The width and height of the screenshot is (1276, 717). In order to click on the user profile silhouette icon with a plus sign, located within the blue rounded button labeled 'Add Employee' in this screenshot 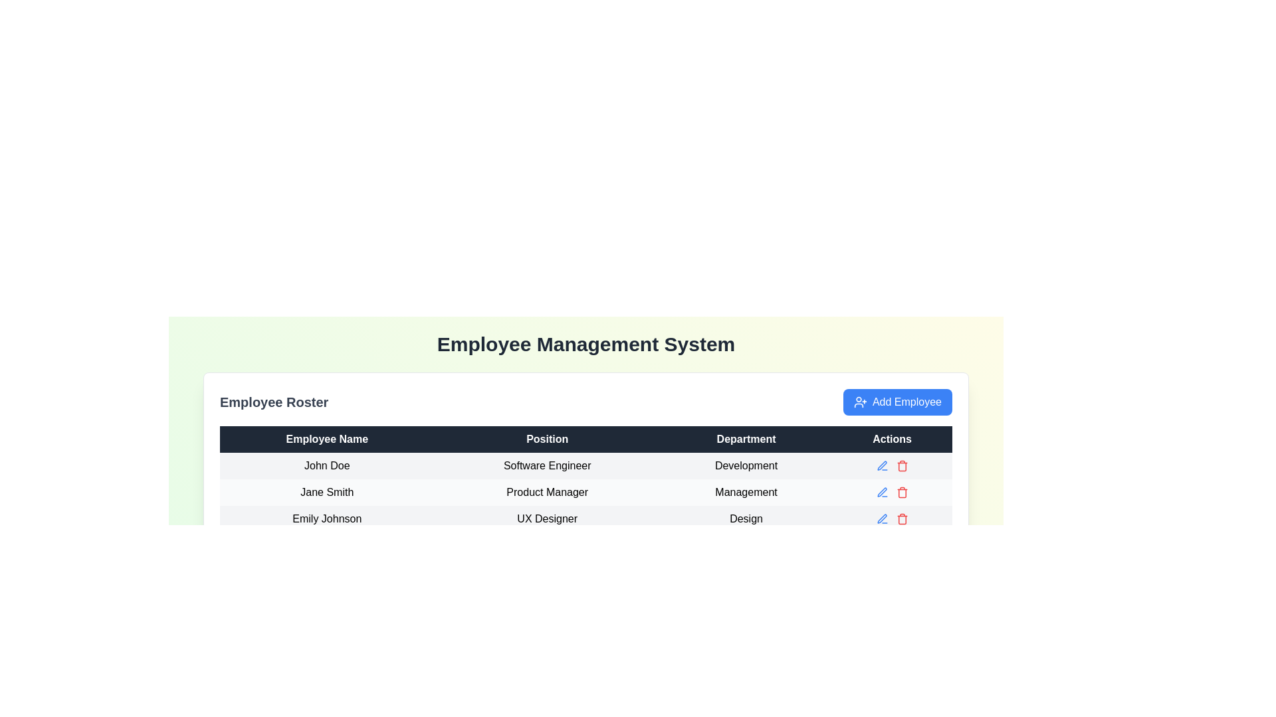, I will do `click(860, 401)`.